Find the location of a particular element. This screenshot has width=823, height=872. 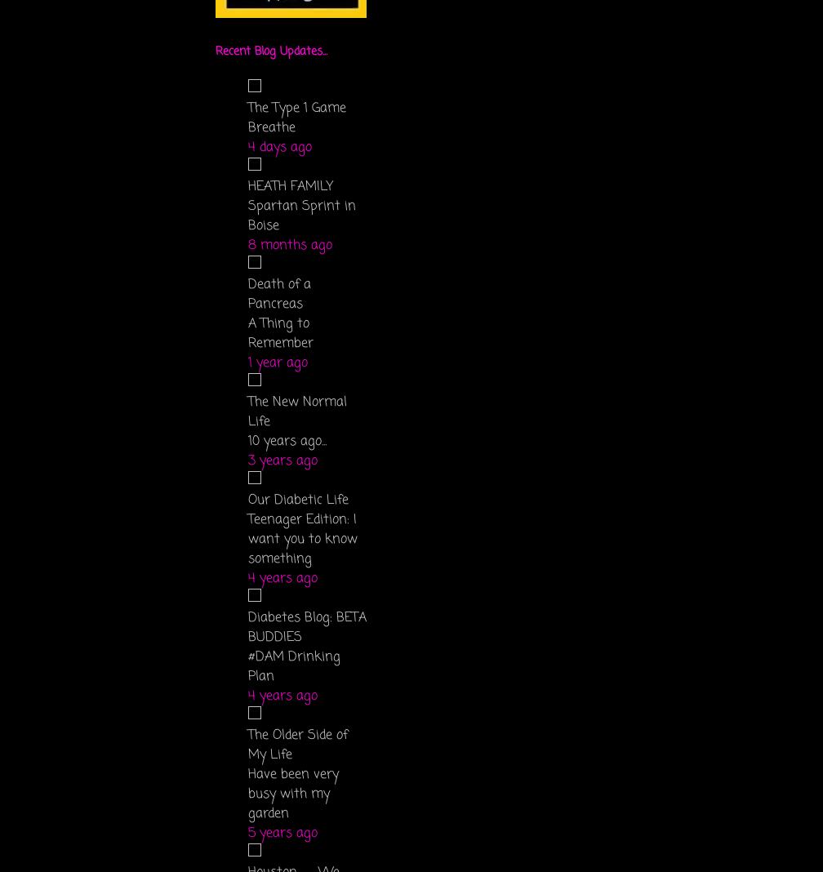

'5 years ago' is located at coordinates (282, 834).